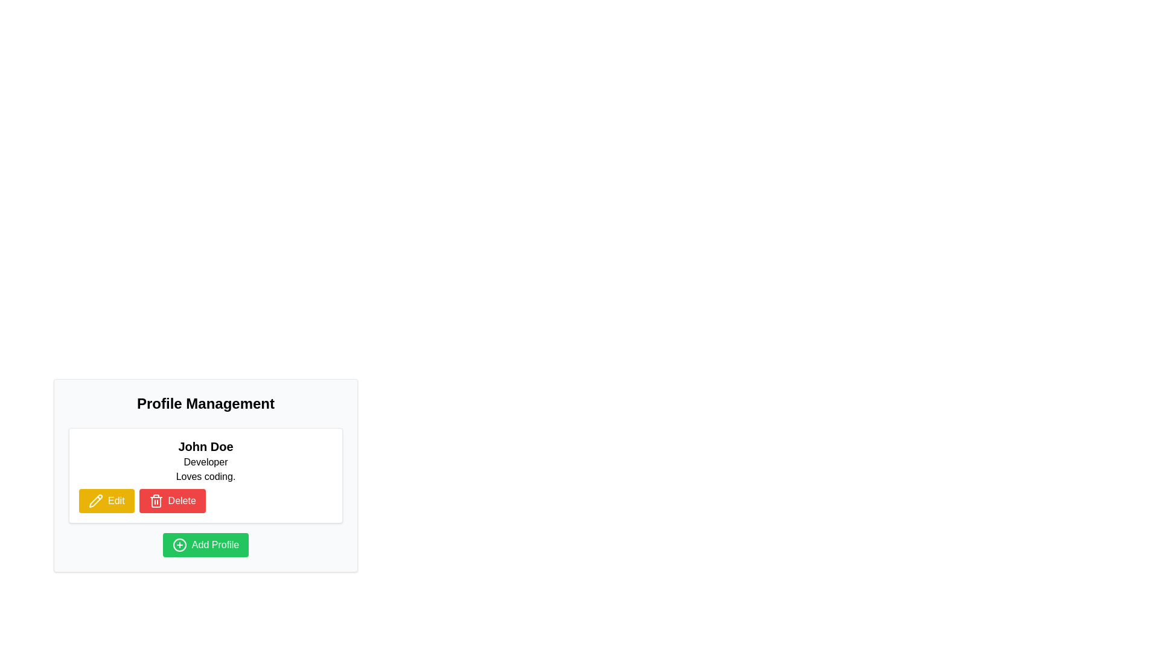  Describe the element at coordinates (205, 462) in the screenshot. I see `the static text label that describes the role or occupation associated with the profile, which is positioned below 'John Doe' and above 'Loves coding.'` at that location.